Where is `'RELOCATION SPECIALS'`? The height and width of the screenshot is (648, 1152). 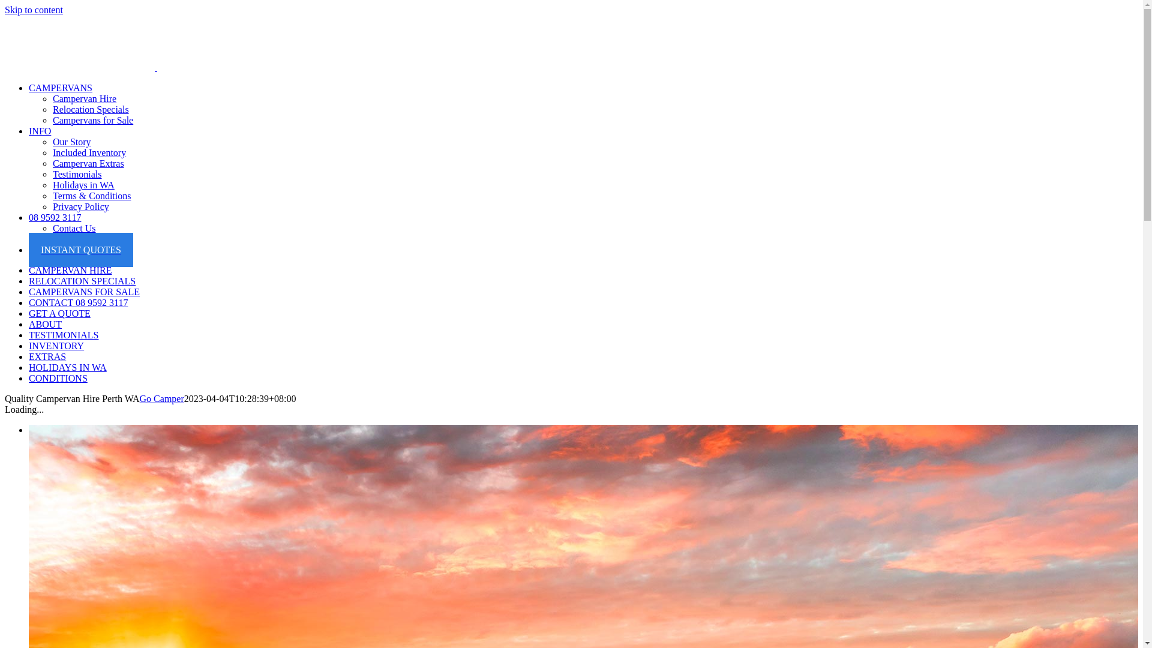
'RELOCATION SPECIALS' is located at coordinates (29, 281).